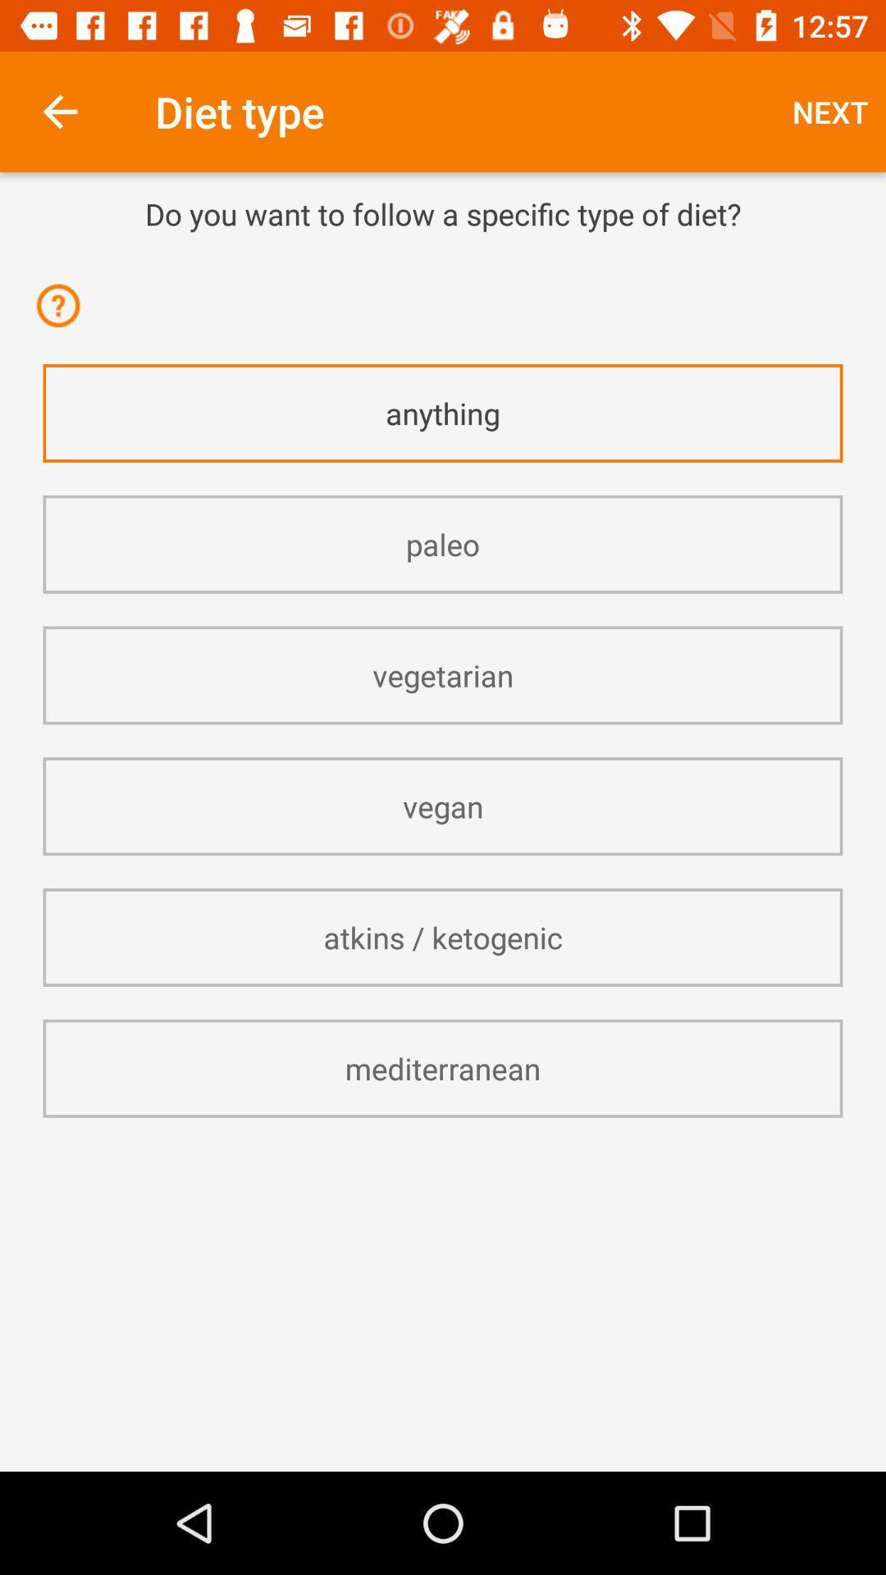  What do you see at coordinates (59, 111) in the screenshot?
I see `item to the left of the diet type item` at bounding box center [59, 111].